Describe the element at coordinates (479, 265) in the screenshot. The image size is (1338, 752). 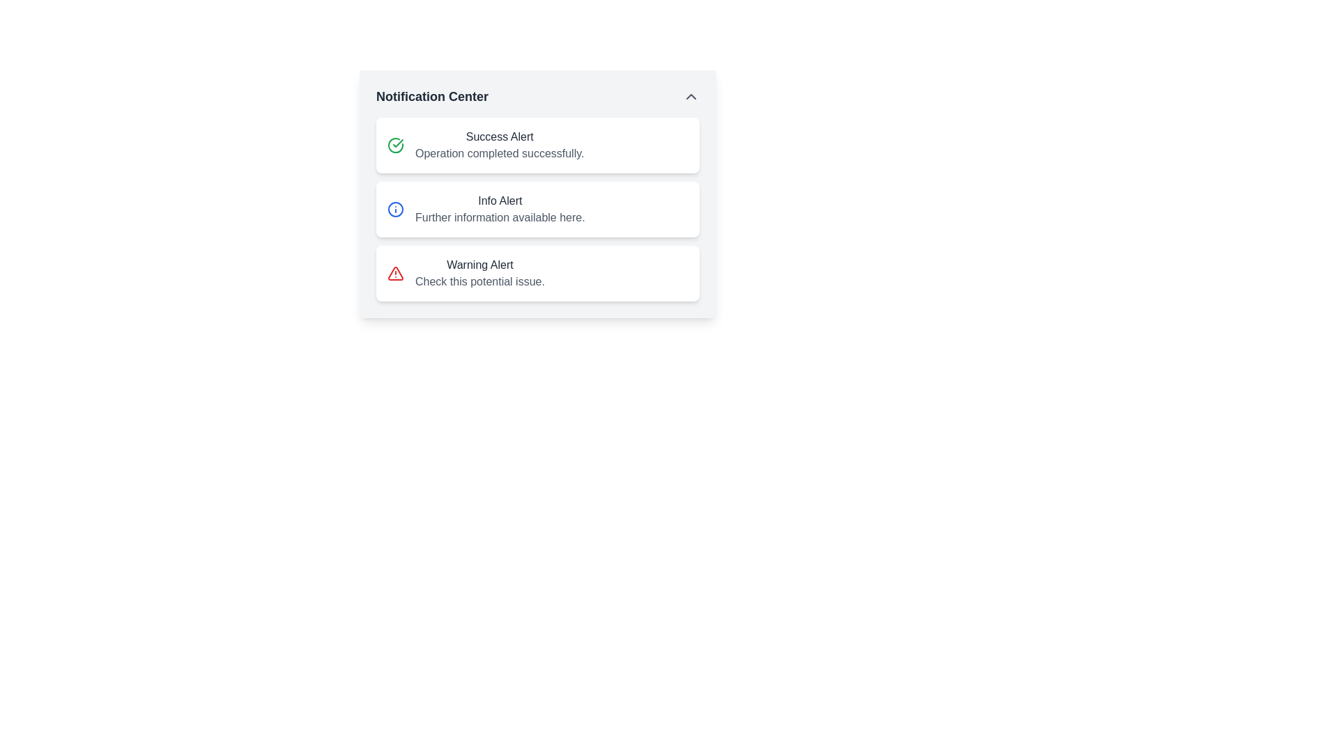
I see `the header text of the warning notification in the Notification Center, which is the third notification item and is directly above the text 'Check this potential issue.'` at that location.